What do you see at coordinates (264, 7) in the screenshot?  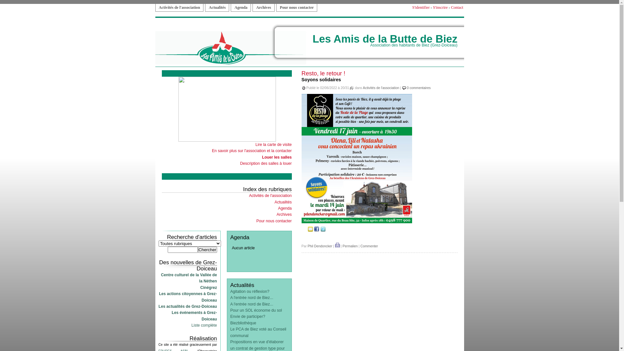 I see `'Archives'` at bounding box center [264, 7].